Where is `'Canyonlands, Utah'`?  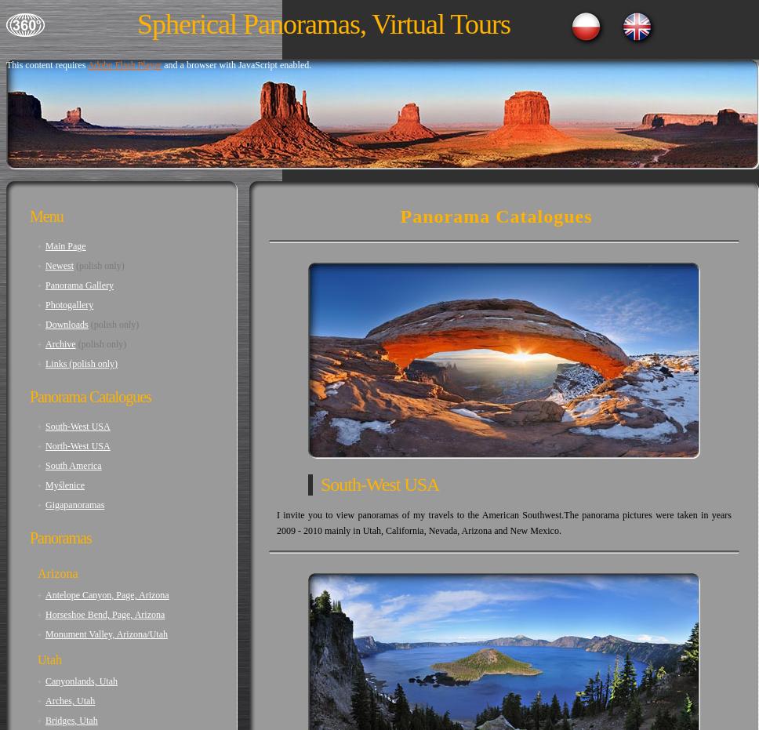
'Canyonlands, Utah' is located at coordinates (81, 681).